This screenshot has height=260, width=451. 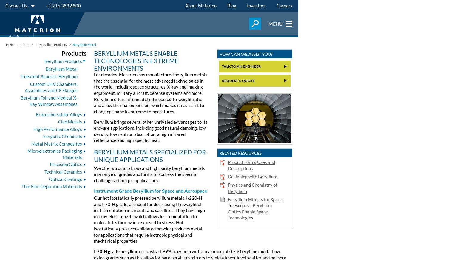 What do you see at coordinates (320, 166) in the screenshot?
I see `'Businesses'` at bounding box center [320, 166].